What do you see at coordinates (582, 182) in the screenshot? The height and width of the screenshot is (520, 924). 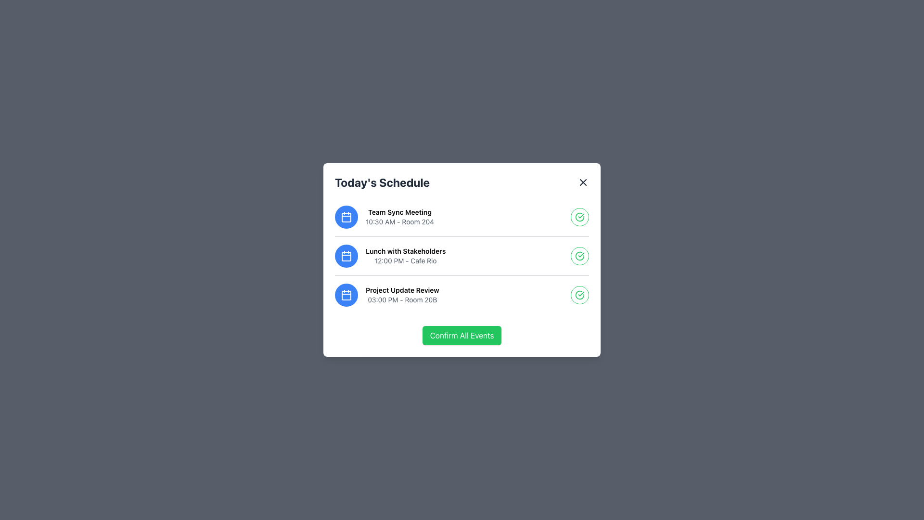 I see `the Close Button (Icon) represented by an 'X' shape, located in the top-right corner of the modal box titled 'Today's Schedule', to navigate` at bounding box center [582, 182].